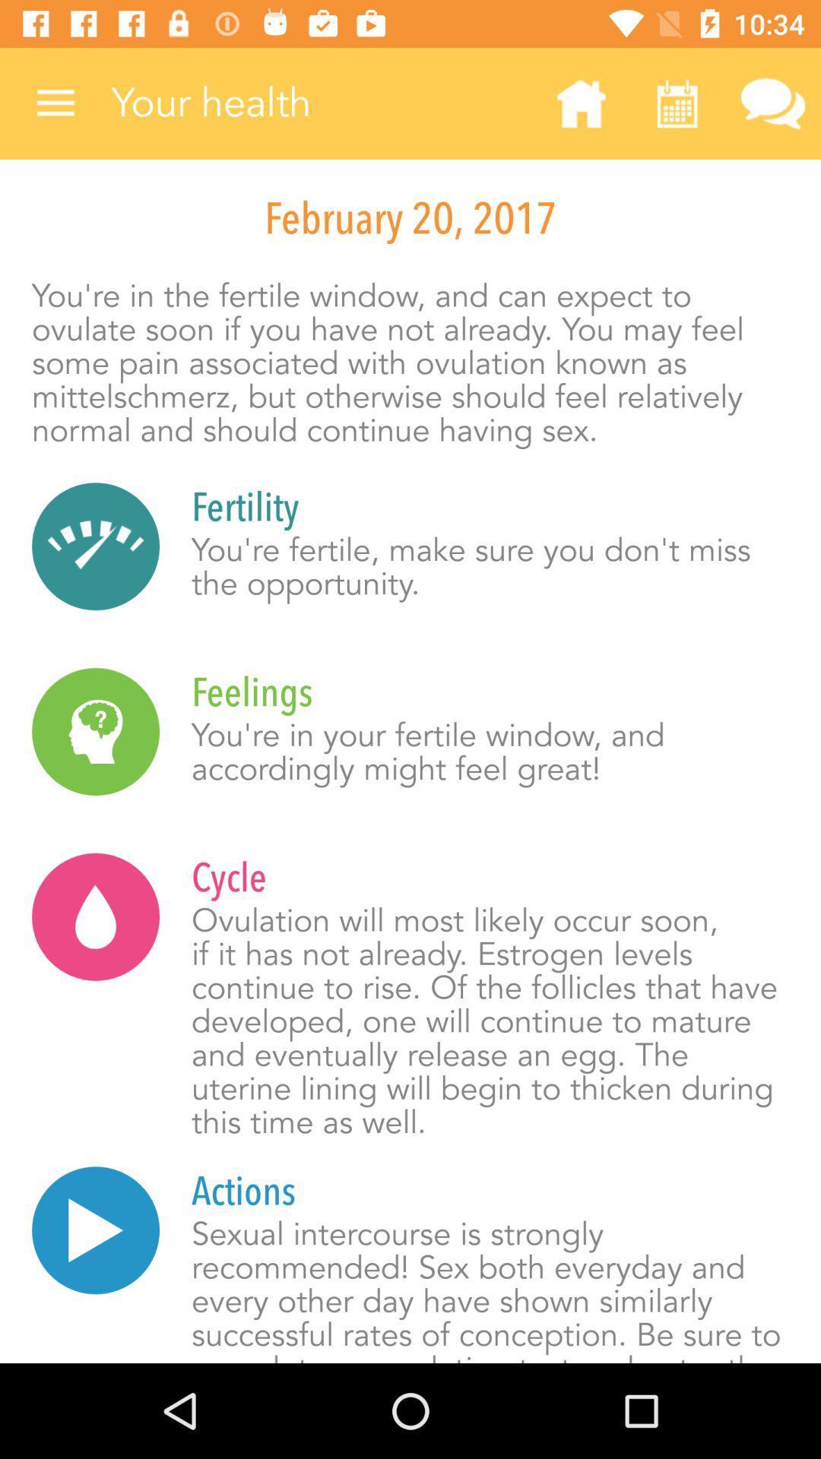 The width and height of the screenshot is (821, 1459). Describe the element at coordinates (322, 103) in the screenshot. I see `icon above the february 20, 2017 item` at that location.